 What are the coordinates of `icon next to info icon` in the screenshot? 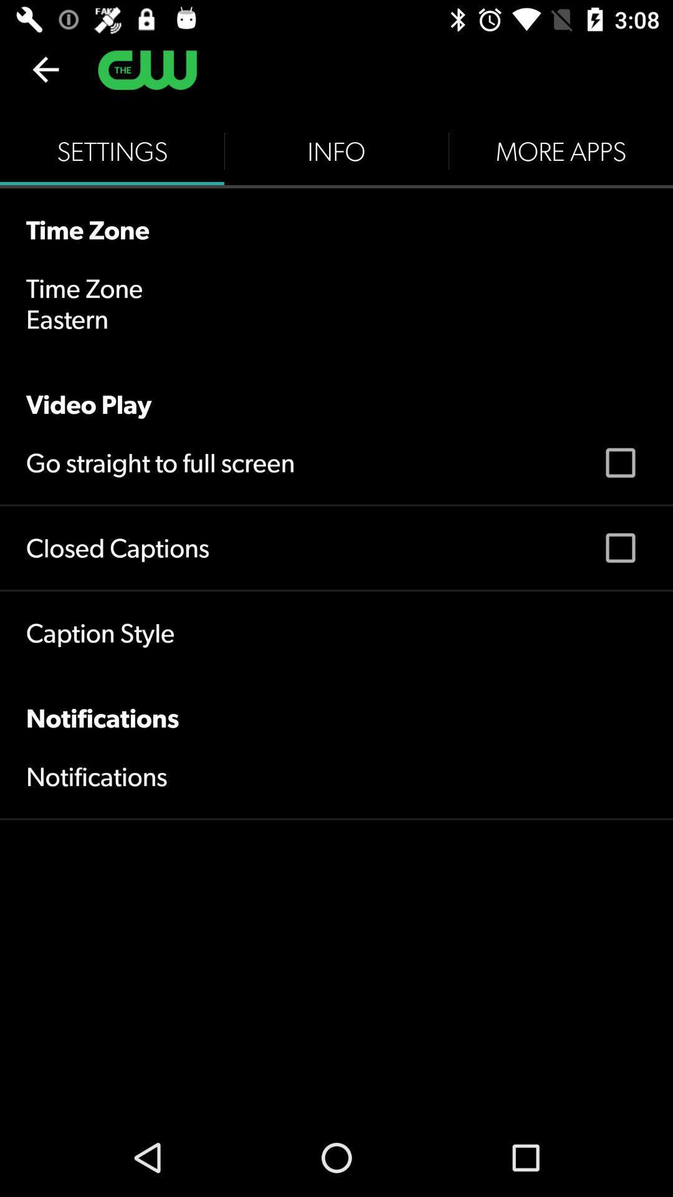 It's located at (112, 151).